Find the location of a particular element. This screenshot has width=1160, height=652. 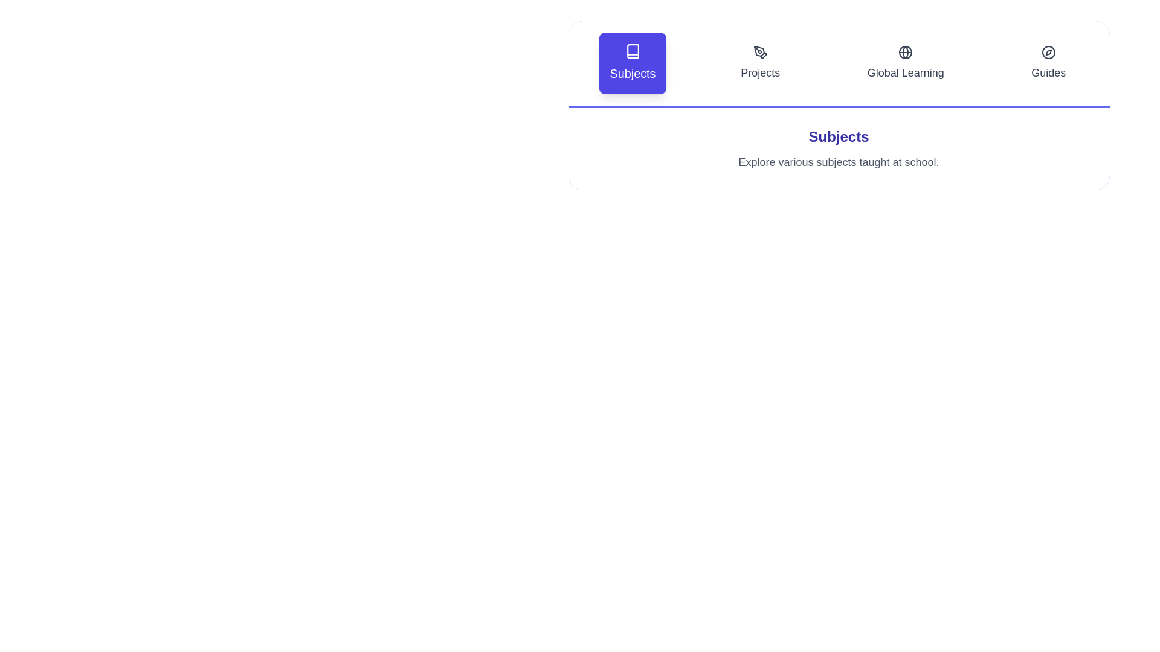

the Subjects tab to view its content is located at coordinates (631, 63).